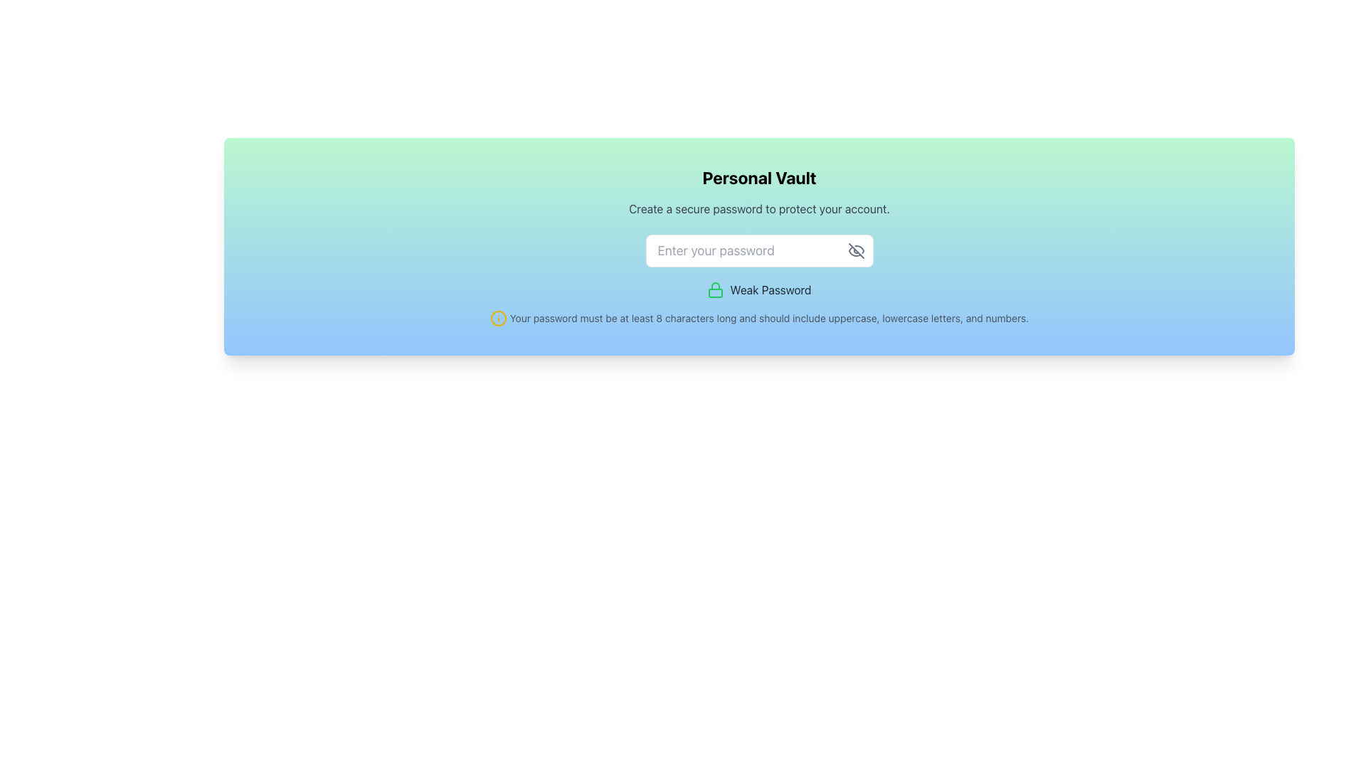 The image size is (1366, 768). What do you see at coordinates (855, 250) in the screenshot?
I see `the button located to the right of the password input field` at bounding box center [855, 250].